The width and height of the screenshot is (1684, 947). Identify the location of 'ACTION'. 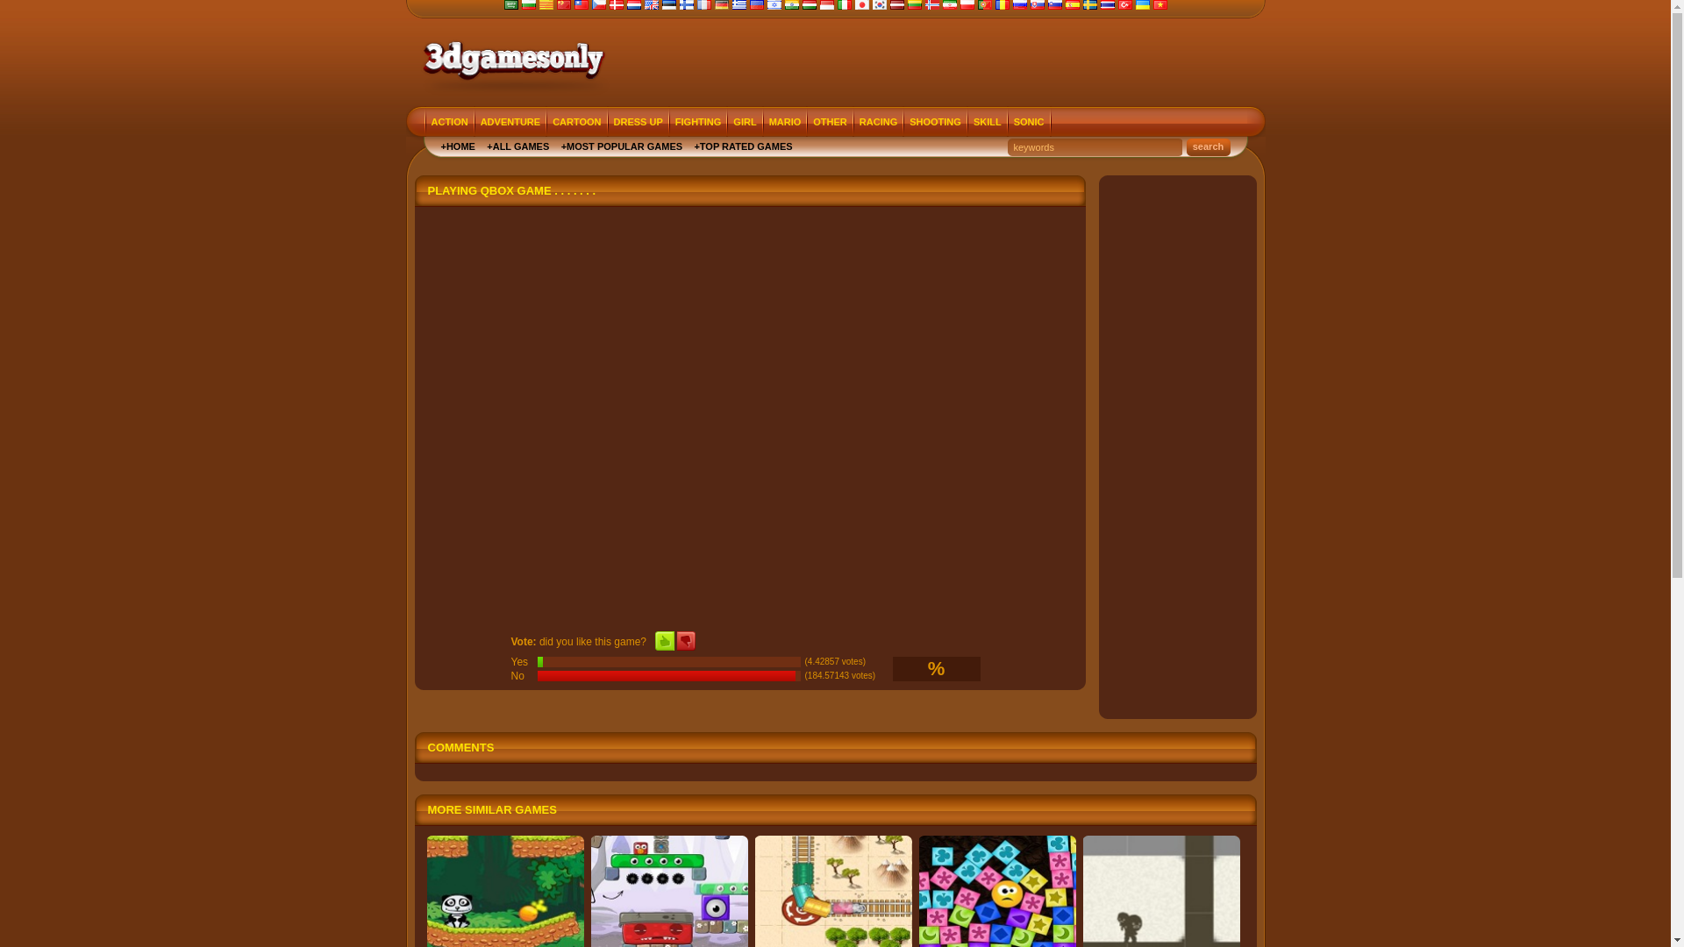
(450, 121).